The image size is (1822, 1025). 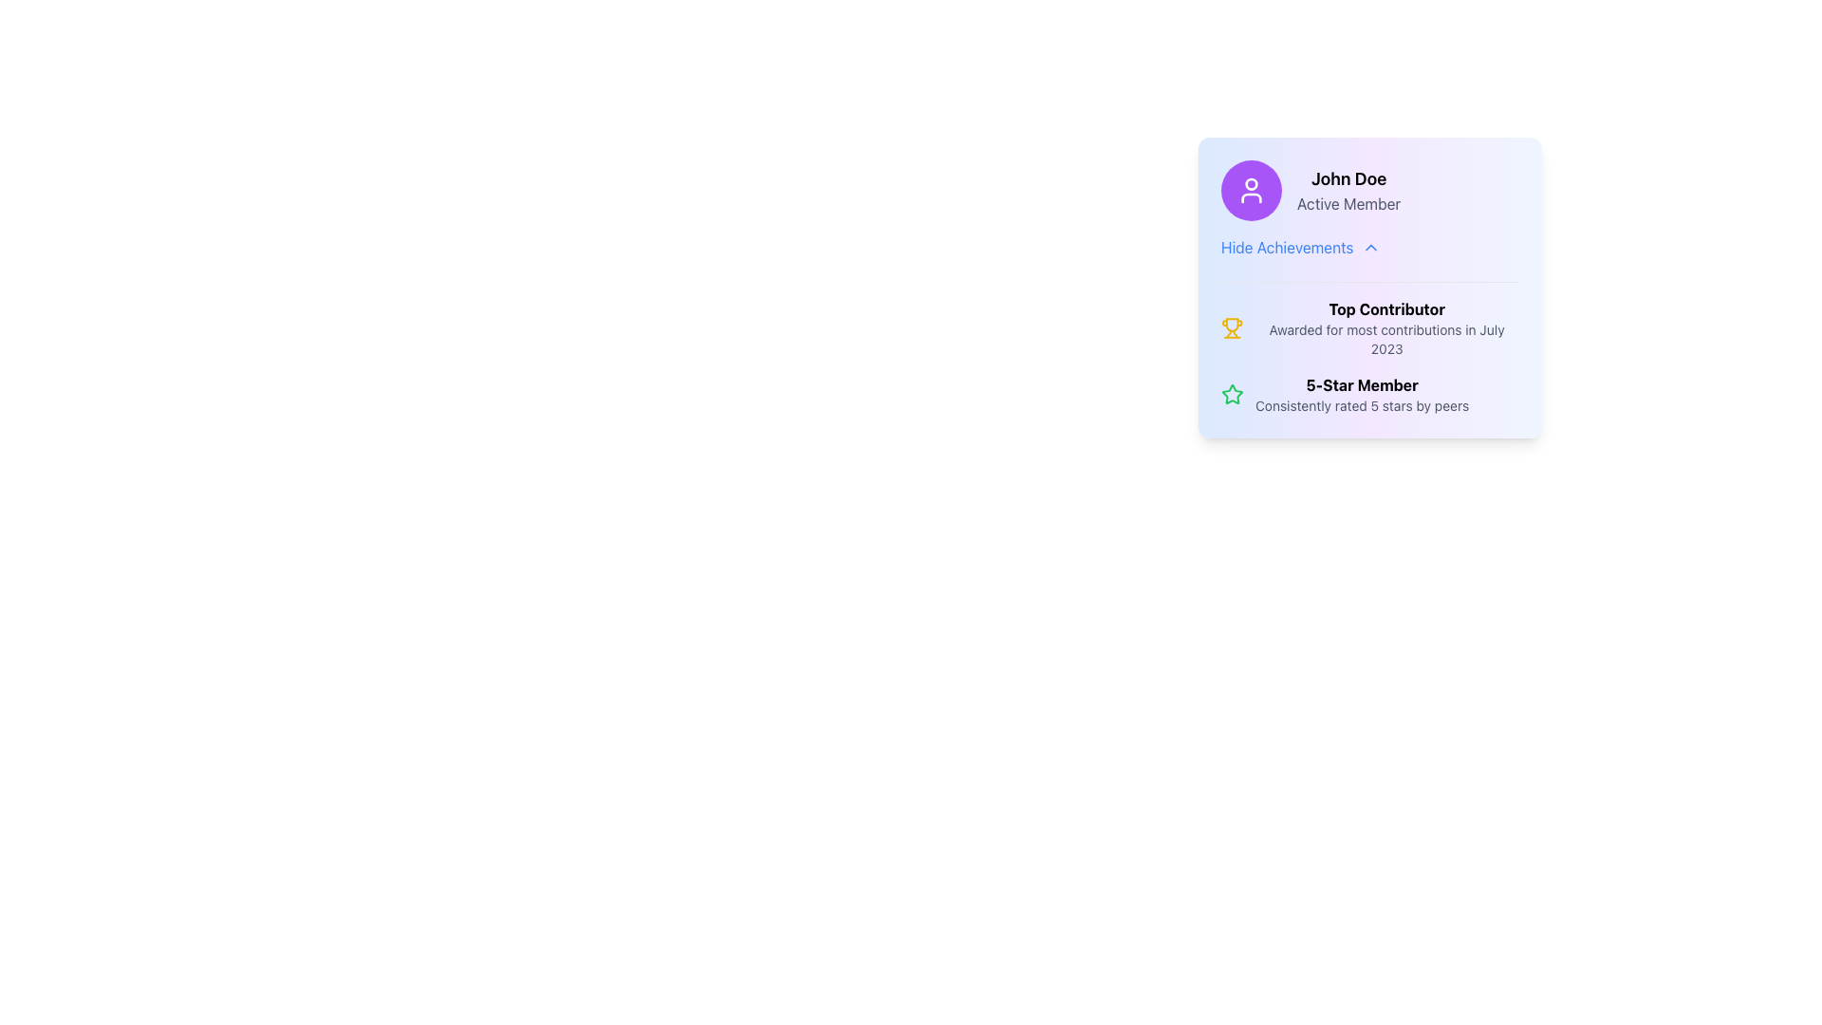 I want to click on the non-interactive informational badge displaying '5-Star Member' with a green star icon and descriptive text, so click(x=1370, y=394).